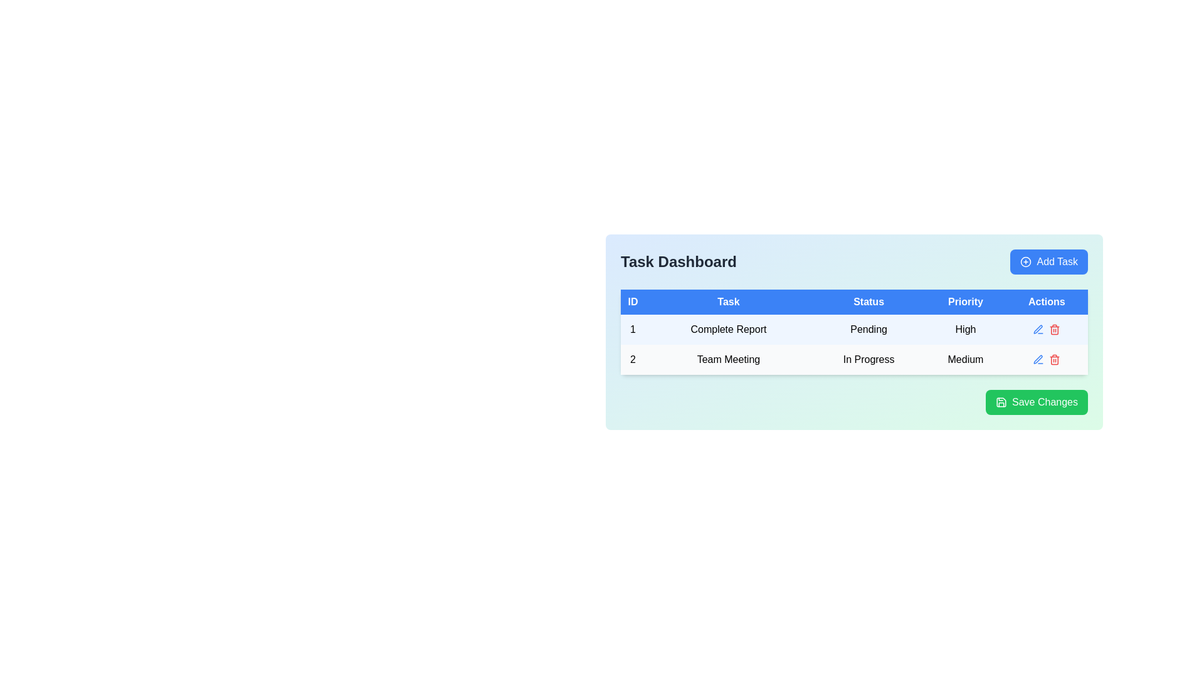 The image size is (1204, 677). Describe the element at coordinates (868, 360) in the screenshot. I see `the 'In Progress' text label located in the third cell of the second row under the 'Status' column, adjacent to the 'Team Meeting' task in the table` at that location.